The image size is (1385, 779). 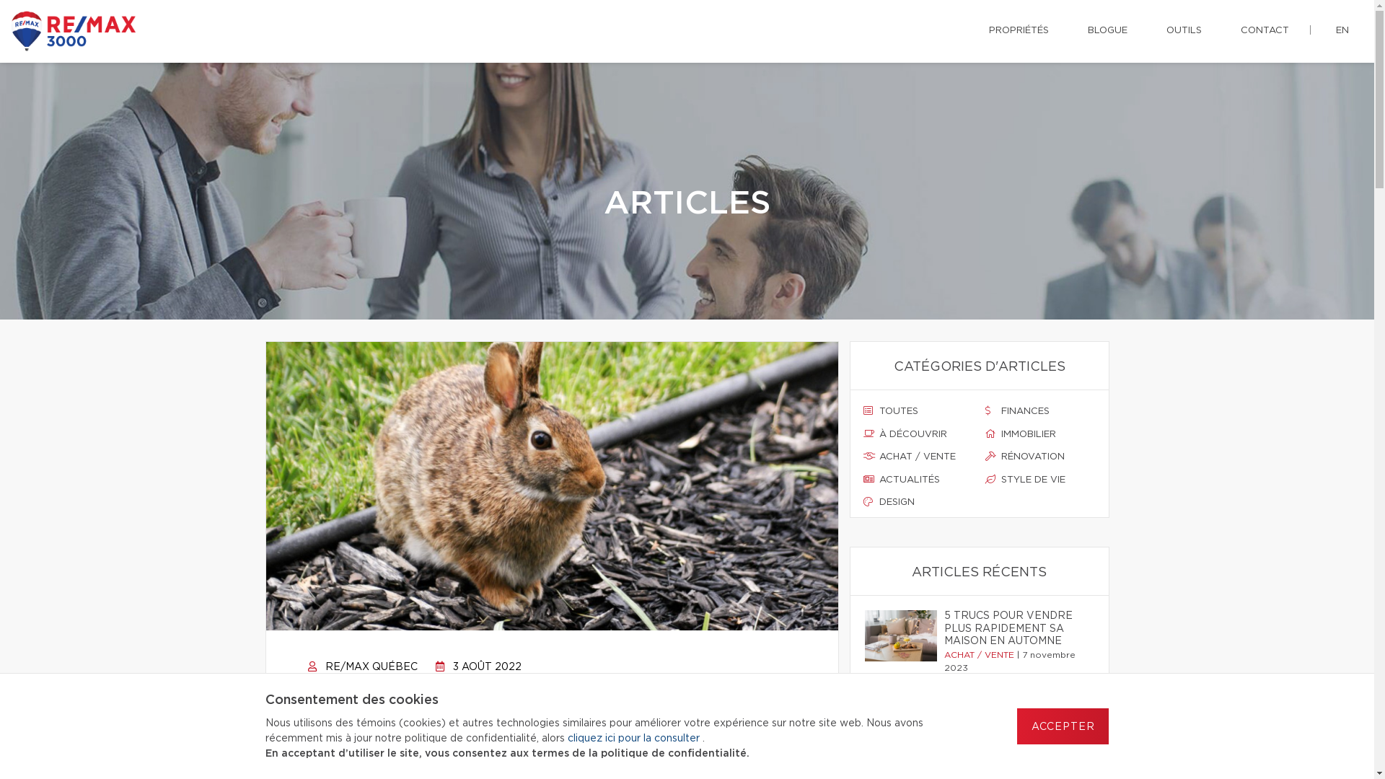 I want to click on 'BLOGUE', so click(x=1076, y=30).